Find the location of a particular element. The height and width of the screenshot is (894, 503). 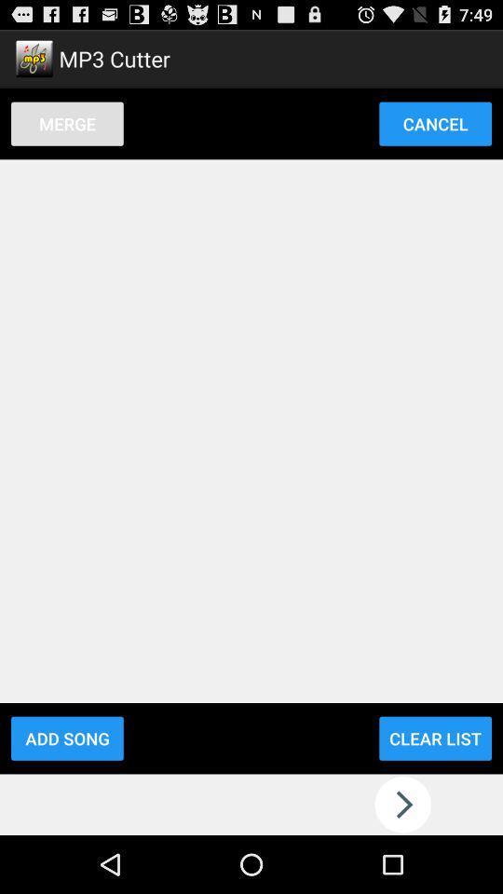

the button above the clear list is located at coordinates (435, 122).